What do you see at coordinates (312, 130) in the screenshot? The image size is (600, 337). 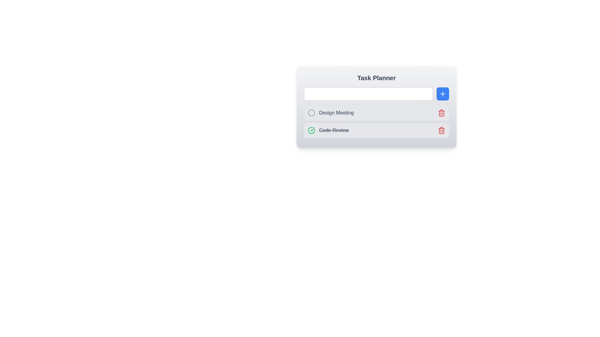 I see `the green checkbox with a check mark` at bounding box center [312, 130].